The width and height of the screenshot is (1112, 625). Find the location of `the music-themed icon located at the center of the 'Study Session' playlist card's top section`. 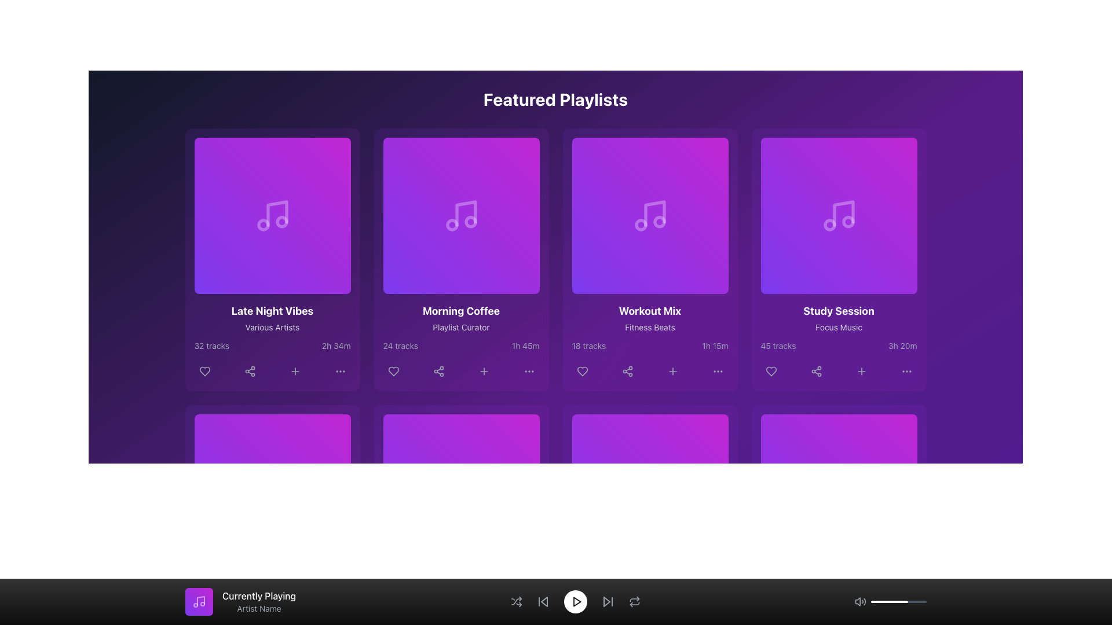

the music-themed icon located at the center of the 'Study Session' playlist card's top section is located at coordinates (839, 216).